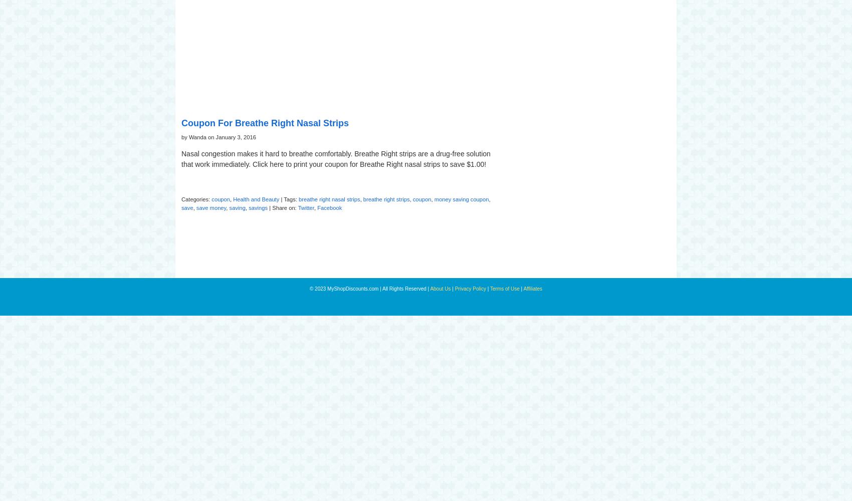 This screenshot has height=501, width=852. Describe the element at coordinates (470, 288) in the screenshot. I see `'Privacy Policy'` at that location.